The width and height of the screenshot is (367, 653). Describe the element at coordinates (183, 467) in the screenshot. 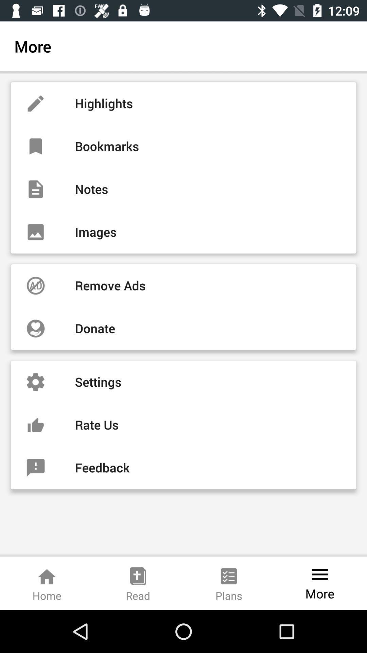

I see `feedback` at that location.